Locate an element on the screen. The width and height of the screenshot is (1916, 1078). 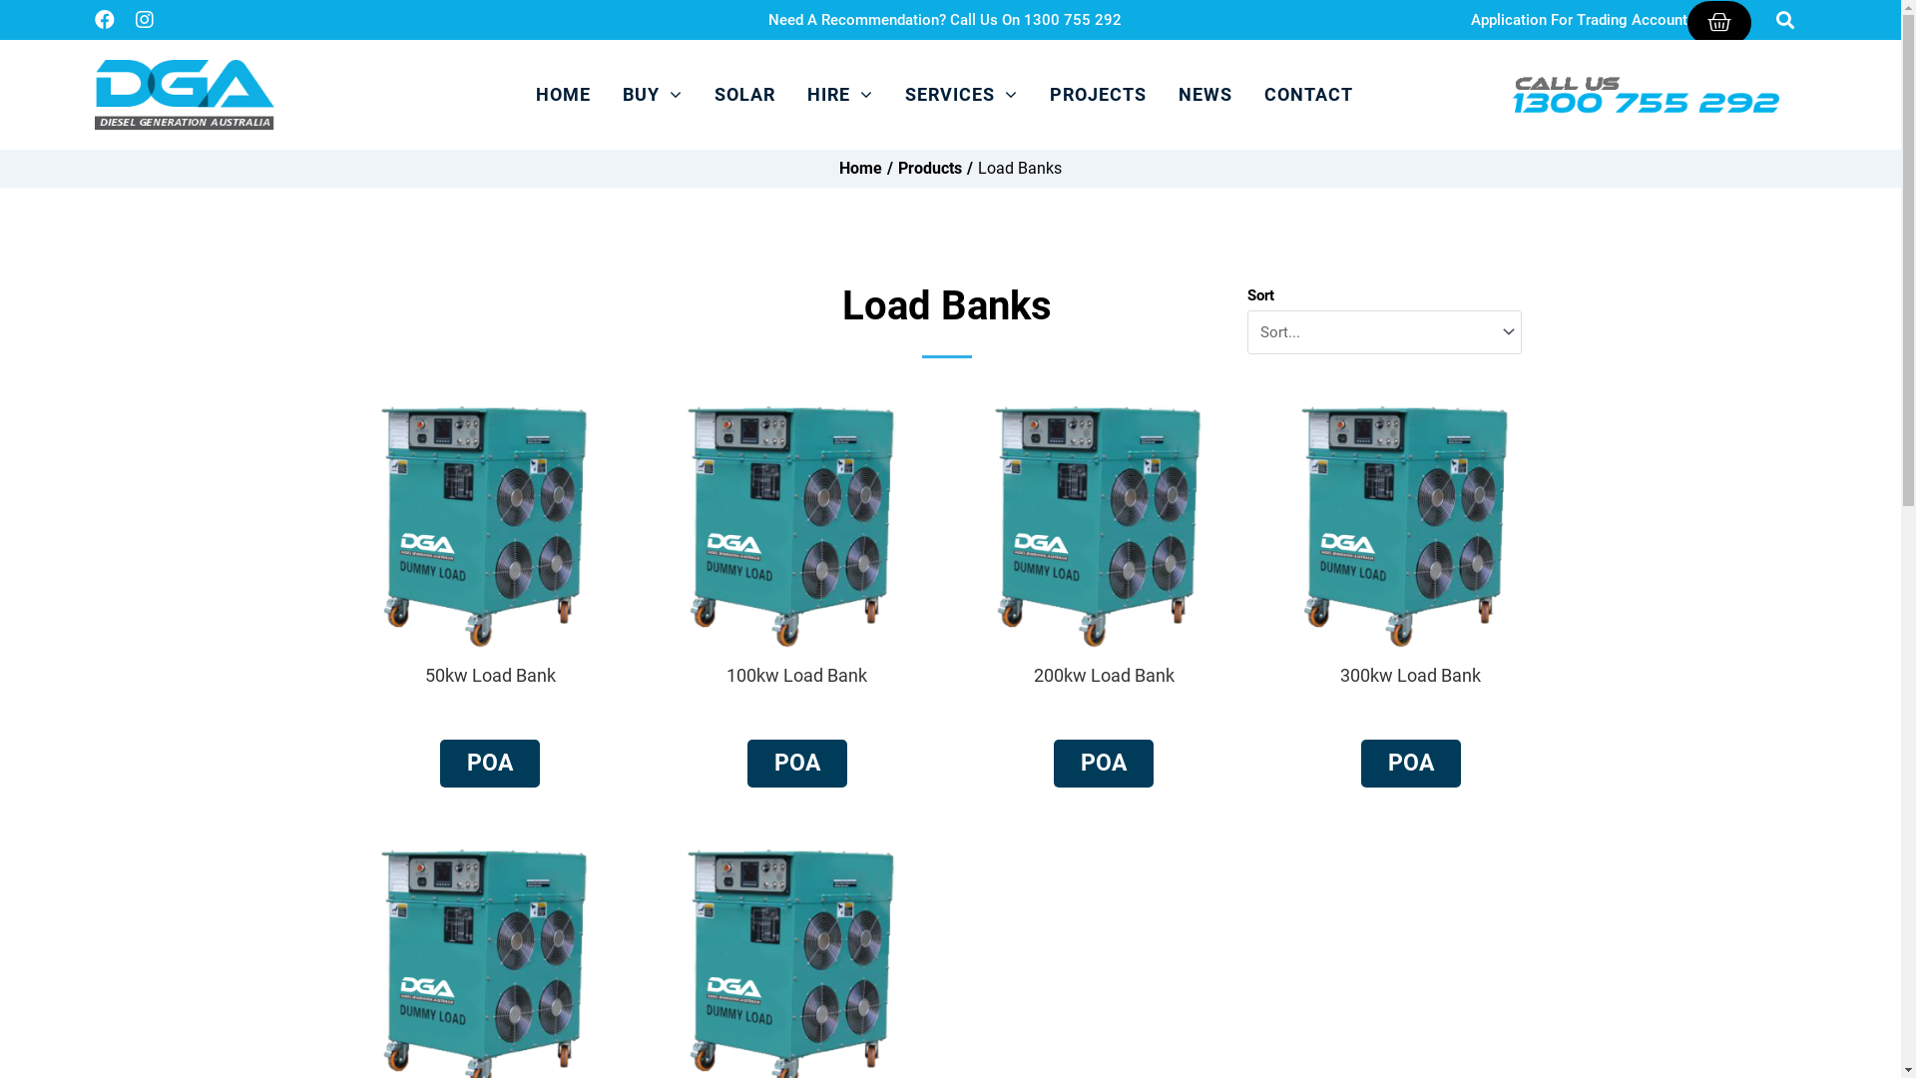
'50kw Load Bank' is located at coordinates (490, 674).